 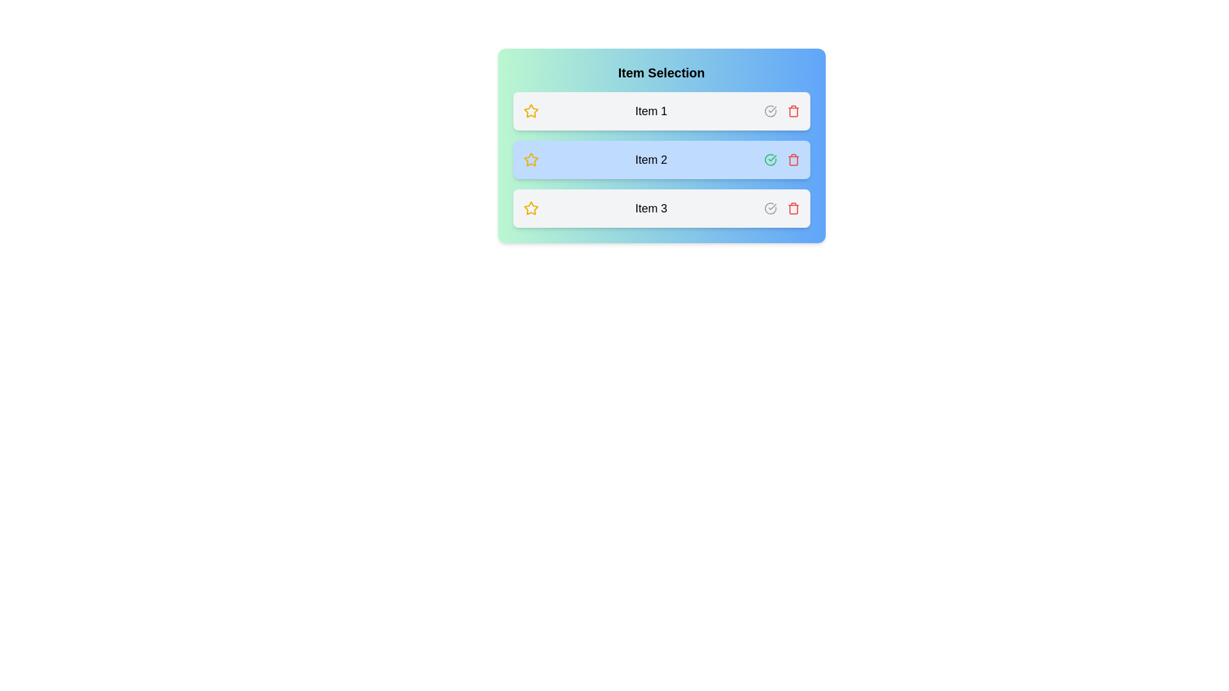 What do you see at coordinates (792, 208) in the screenshot?
I see `the trash icon corresponding to the item Item 3 to remove it from the list` at bounding box center [792, 208].